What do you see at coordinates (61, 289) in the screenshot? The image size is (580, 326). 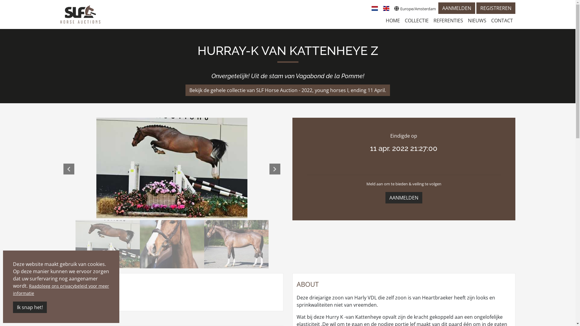 I see `'Raadpleeg ons privacybeleid voor meer informatie'` at bounding box center [61, 289].